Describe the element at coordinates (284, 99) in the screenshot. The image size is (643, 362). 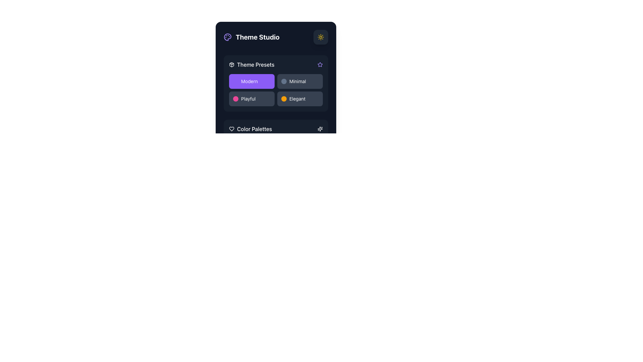
I see `the status indicator or decorative icon associated with the 'Elegant' preset in the 'Theme Presets' section of the 'Theme Studio' panel` at that location.